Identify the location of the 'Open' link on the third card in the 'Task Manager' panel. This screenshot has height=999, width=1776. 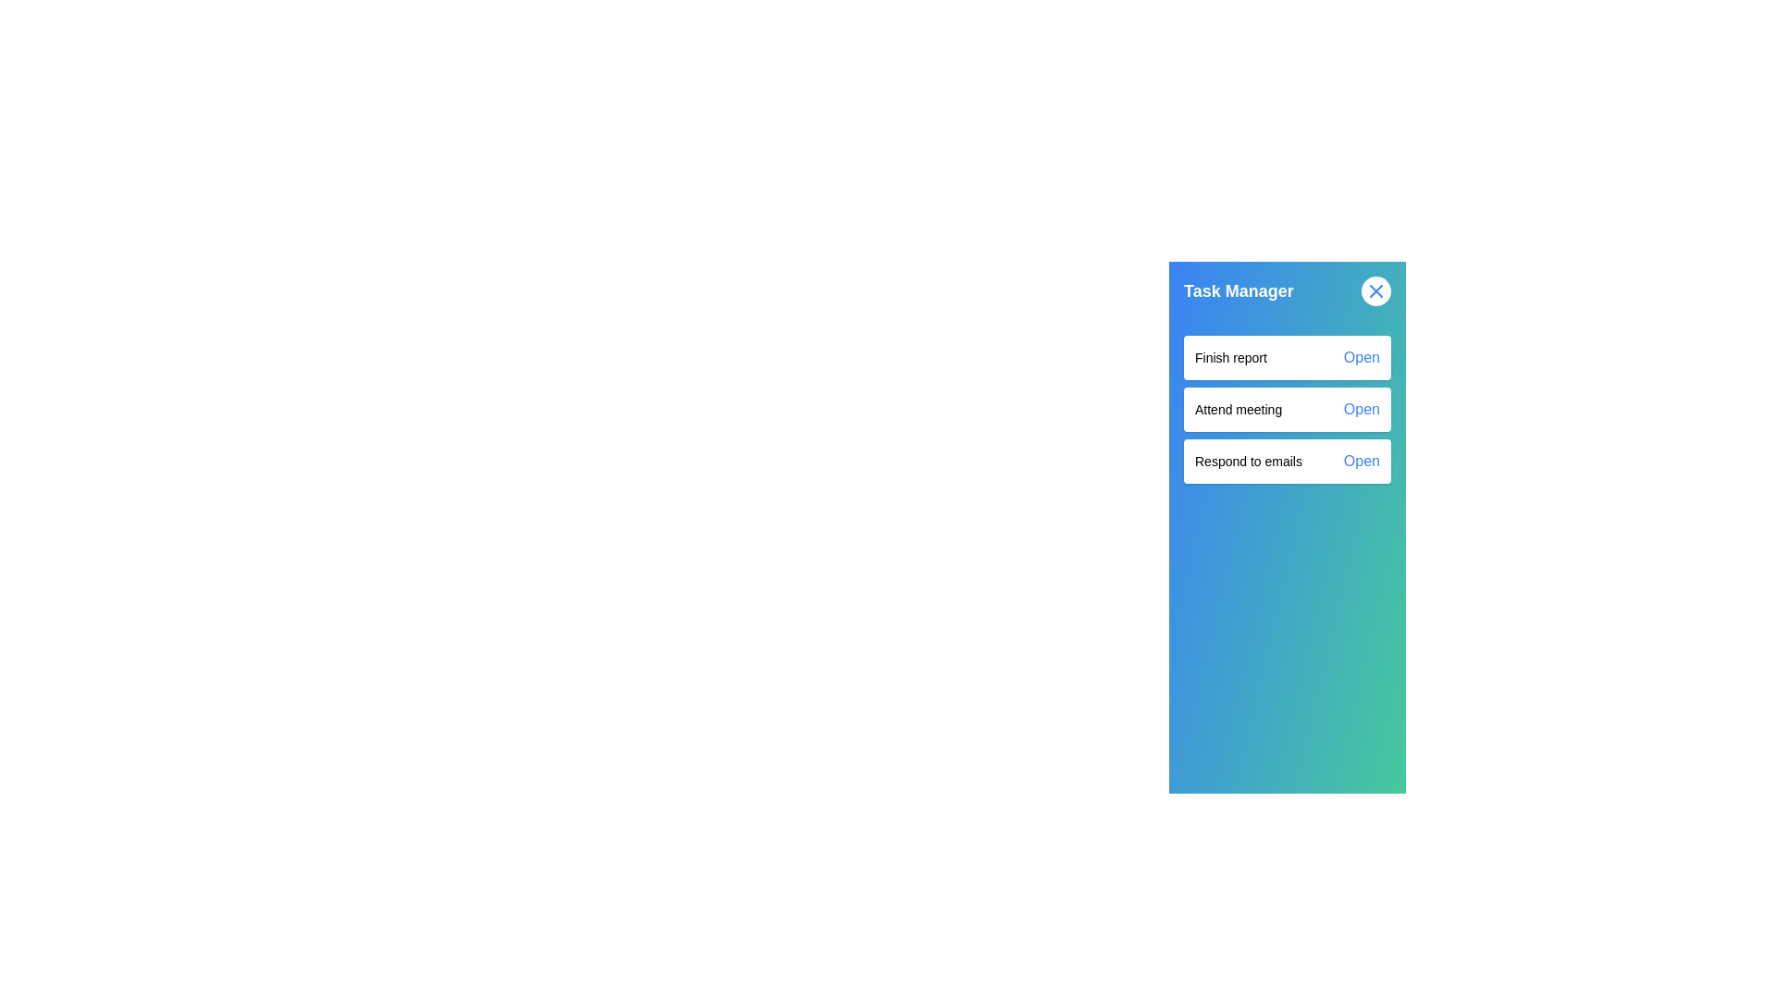
(1287, 460).